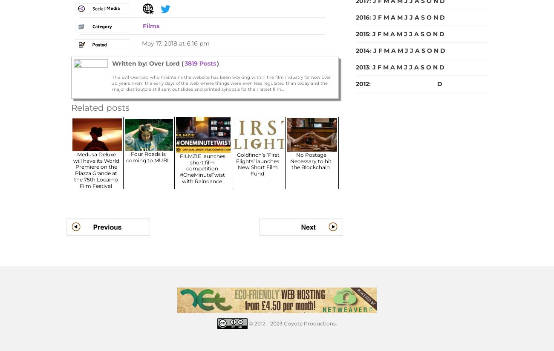 This screenshot has height=351, width=554. I want to click on '2016', so click(362, 17).